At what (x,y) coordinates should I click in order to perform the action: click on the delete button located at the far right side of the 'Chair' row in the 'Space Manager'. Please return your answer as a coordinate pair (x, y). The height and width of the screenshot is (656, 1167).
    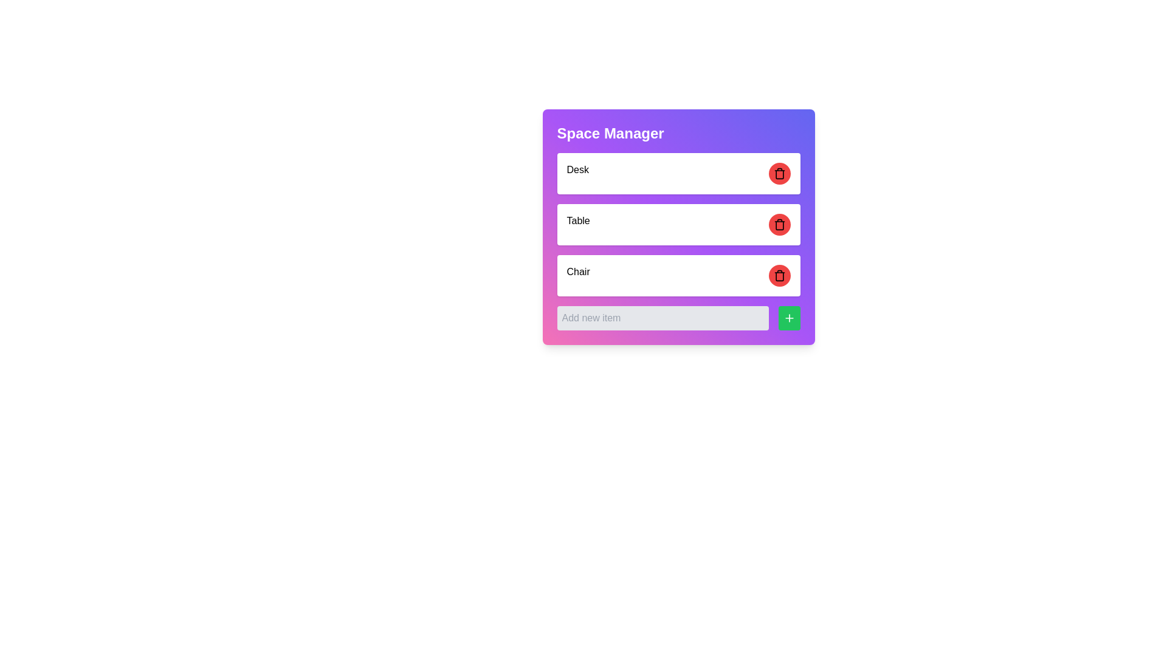
    Looking at the image, I should click on (779, 276).